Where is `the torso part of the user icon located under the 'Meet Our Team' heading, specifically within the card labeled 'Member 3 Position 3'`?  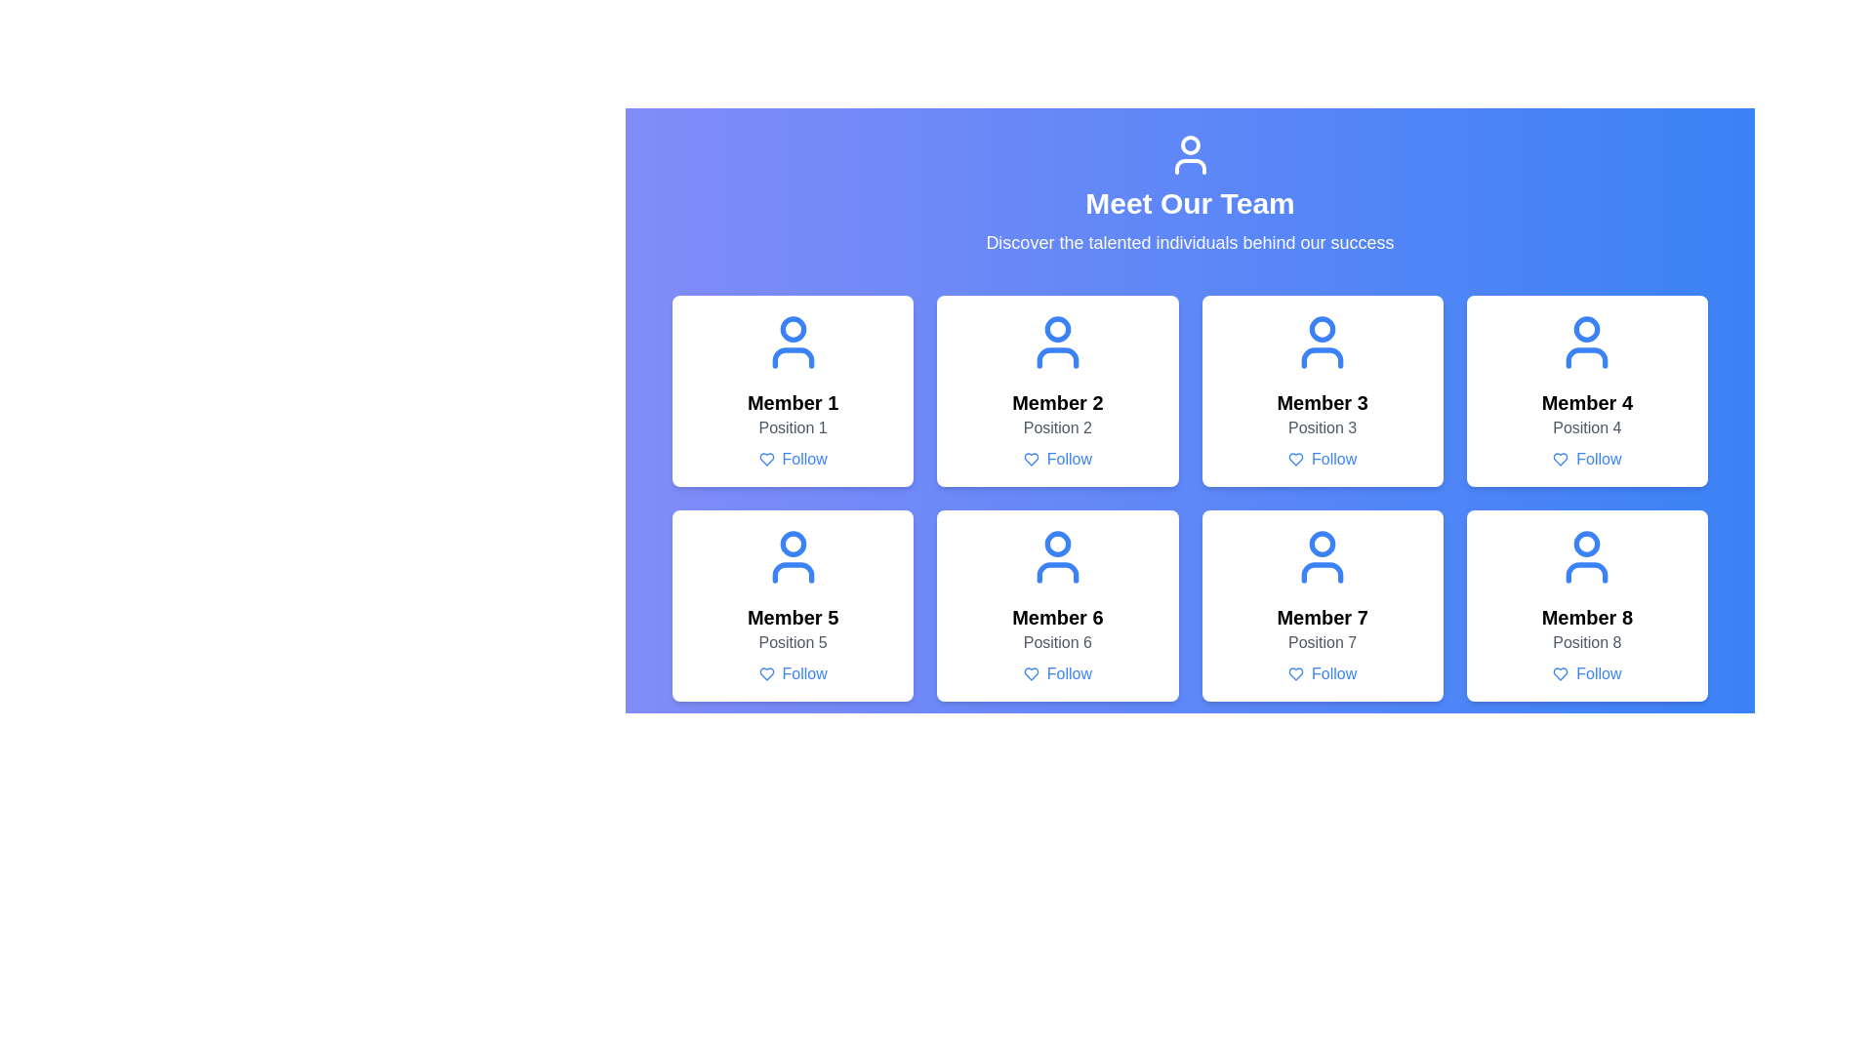
the torso part of the user icon located under the 'Meet Our Team' heading, specifically within the card labeled 'Member 3 Position 3' is located at coordinates (1323, 357).